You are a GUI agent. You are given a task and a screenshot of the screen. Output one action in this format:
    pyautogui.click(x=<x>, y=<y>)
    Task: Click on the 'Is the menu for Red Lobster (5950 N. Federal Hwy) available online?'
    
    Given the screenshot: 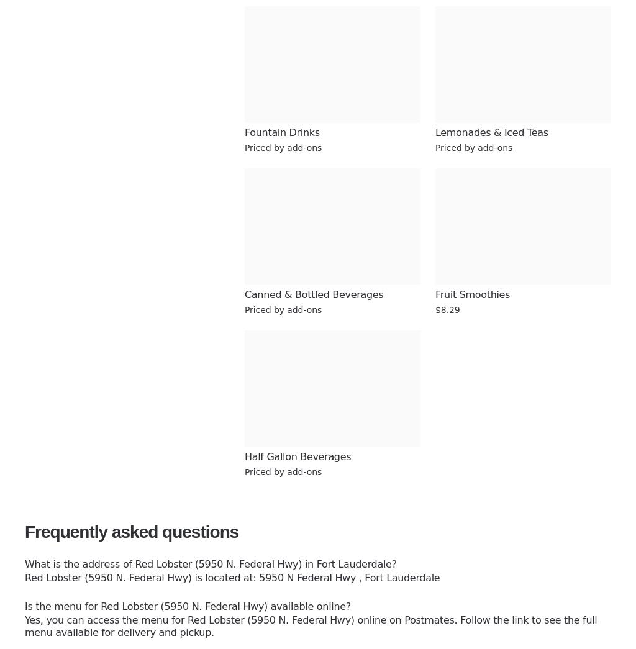 What is the action you would take?
    pyautogui.click(x=186, y=606)
    